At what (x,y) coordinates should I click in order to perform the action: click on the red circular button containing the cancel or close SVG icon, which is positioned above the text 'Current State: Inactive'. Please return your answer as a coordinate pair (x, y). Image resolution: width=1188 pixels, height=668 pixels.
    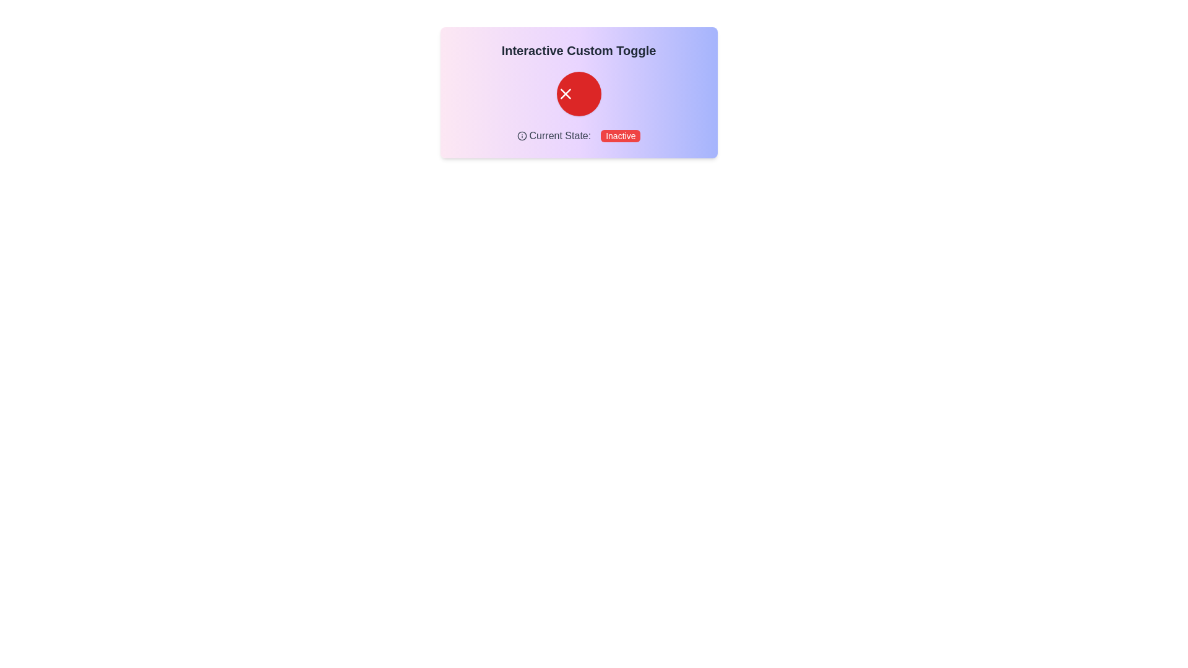
    Looking at the image, I should click on (564, 93).